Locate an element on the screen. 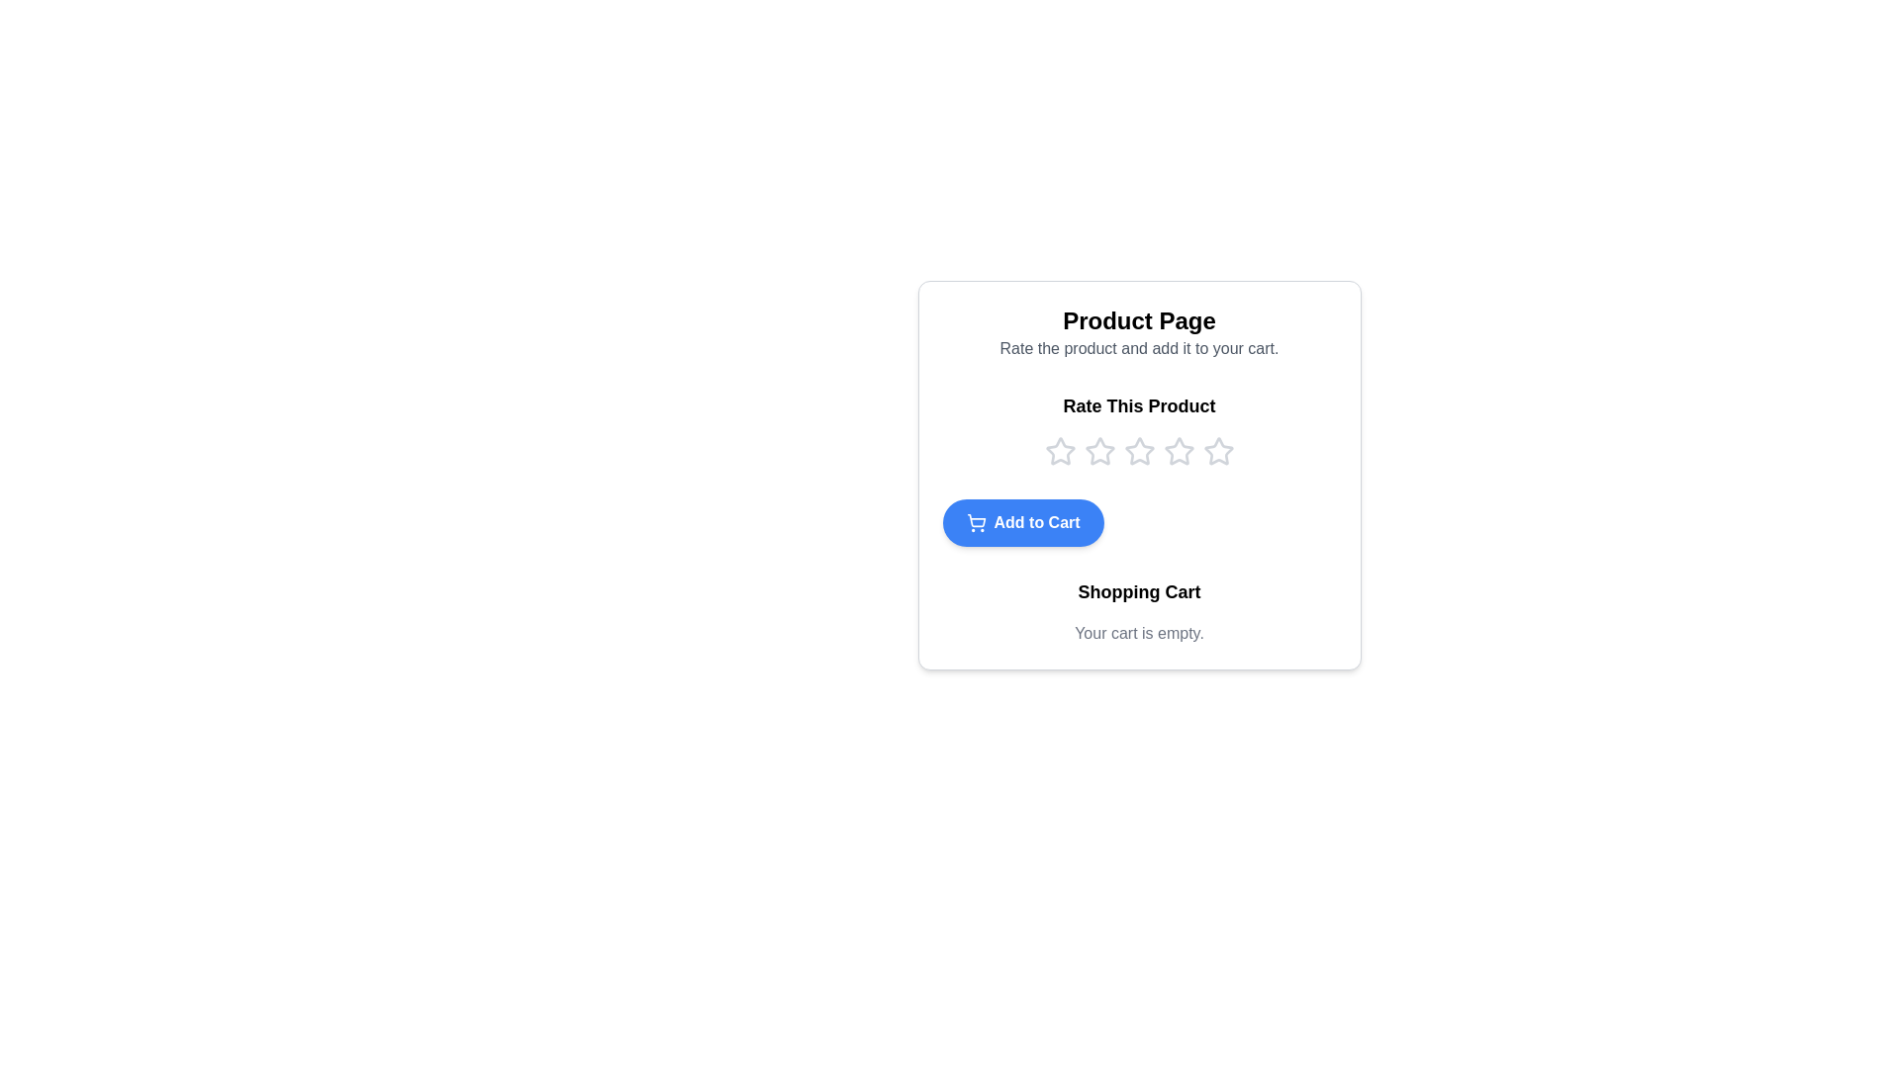 Image resolution: width=1900 pixels, height=1068 pixels. the button displaying the label for adding items to the cart is located at coordinates (1036, 521).